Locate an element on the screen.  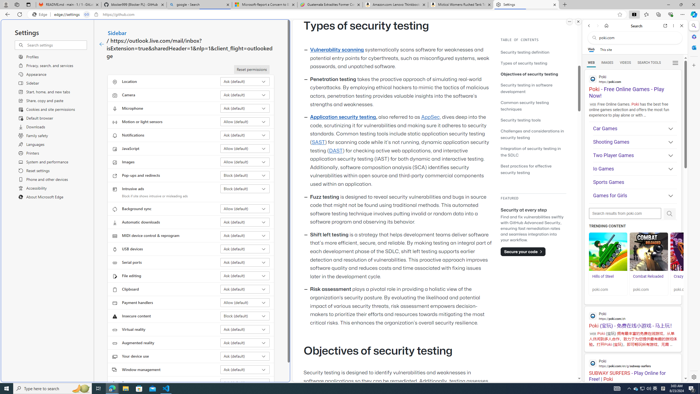
'Window management Ask (default)' is located at coordinates (245, 369).